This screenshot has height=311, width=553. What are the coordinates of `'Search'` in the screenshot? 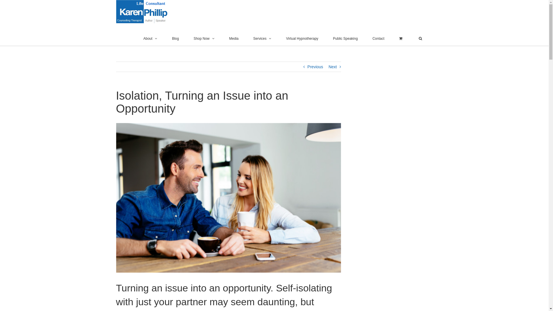 It's located at (420, 39).